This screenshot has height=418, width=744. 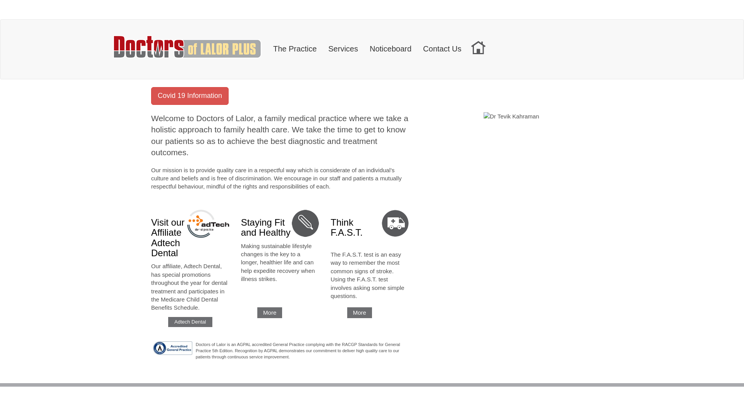 What do you see at coordinates (363, 46) in the screenshot?
I see `'Noticeboard'` at bounding box center [363, 46].